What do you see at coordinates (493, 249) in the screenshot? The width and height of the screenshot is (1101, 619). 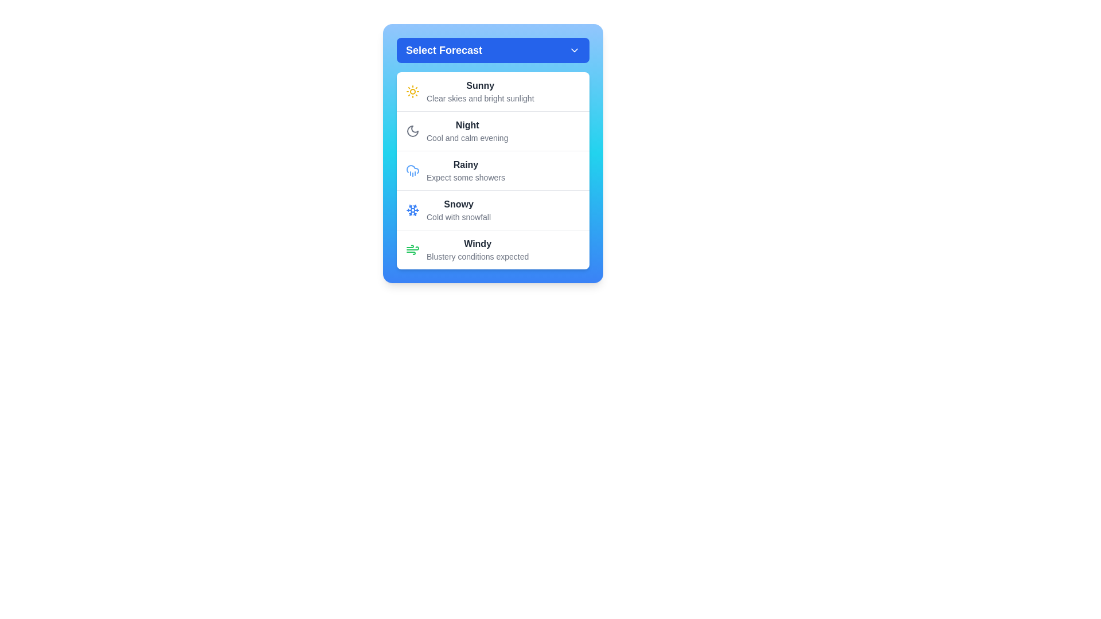 I see `the weather condition list item labeled 'Windy' that displays 'Blustery conditions expected'` at bounding box center [493, 249].